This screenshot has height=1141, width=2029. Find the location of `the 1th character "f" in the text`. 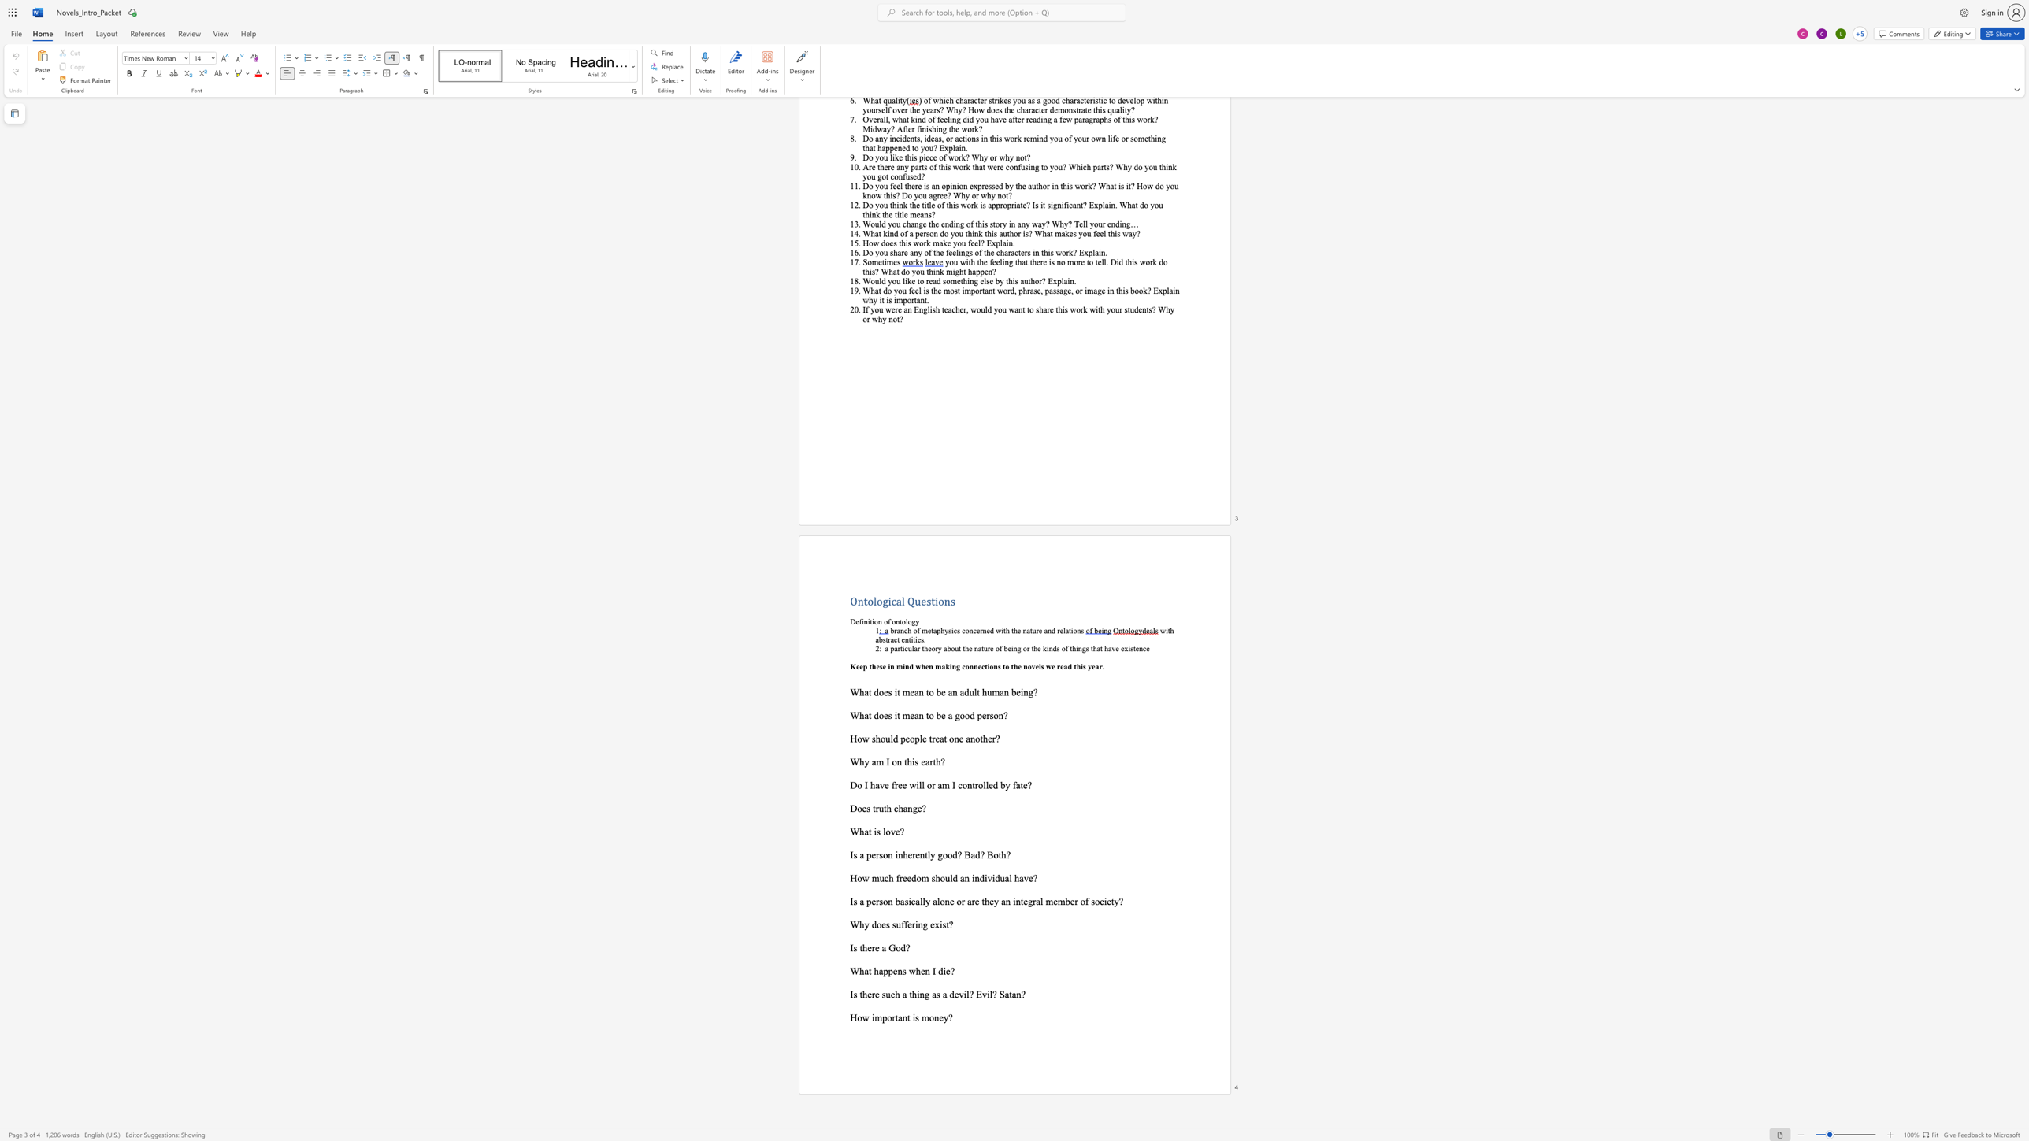

the 1th character "f" in the text is located at coordinates (896, 877).